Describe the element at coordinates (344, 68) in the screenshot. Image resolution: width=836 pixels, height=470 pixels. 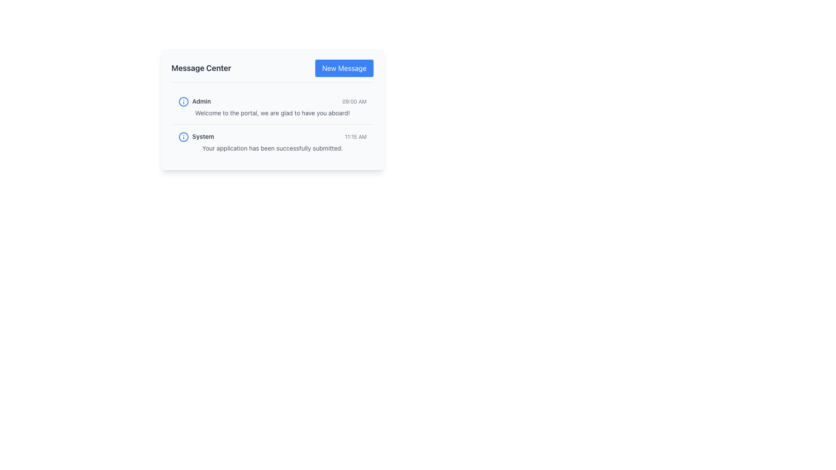
I see `the 'New Message' button located in the top-right corner of the 'Message Center' widget` at that location.